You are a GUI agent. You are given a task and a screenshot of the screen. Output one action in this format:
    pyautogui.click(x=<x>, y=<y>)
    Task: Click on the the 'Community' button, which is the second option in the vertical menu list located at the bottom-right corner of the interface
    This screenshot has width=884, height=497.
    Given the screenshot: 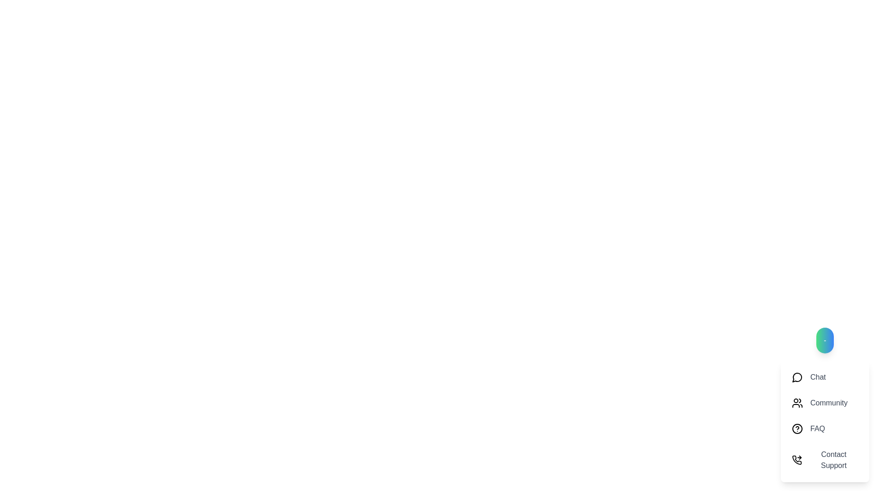 What is the action you would take?
    pyautogui.click(x=825, y=404)
    